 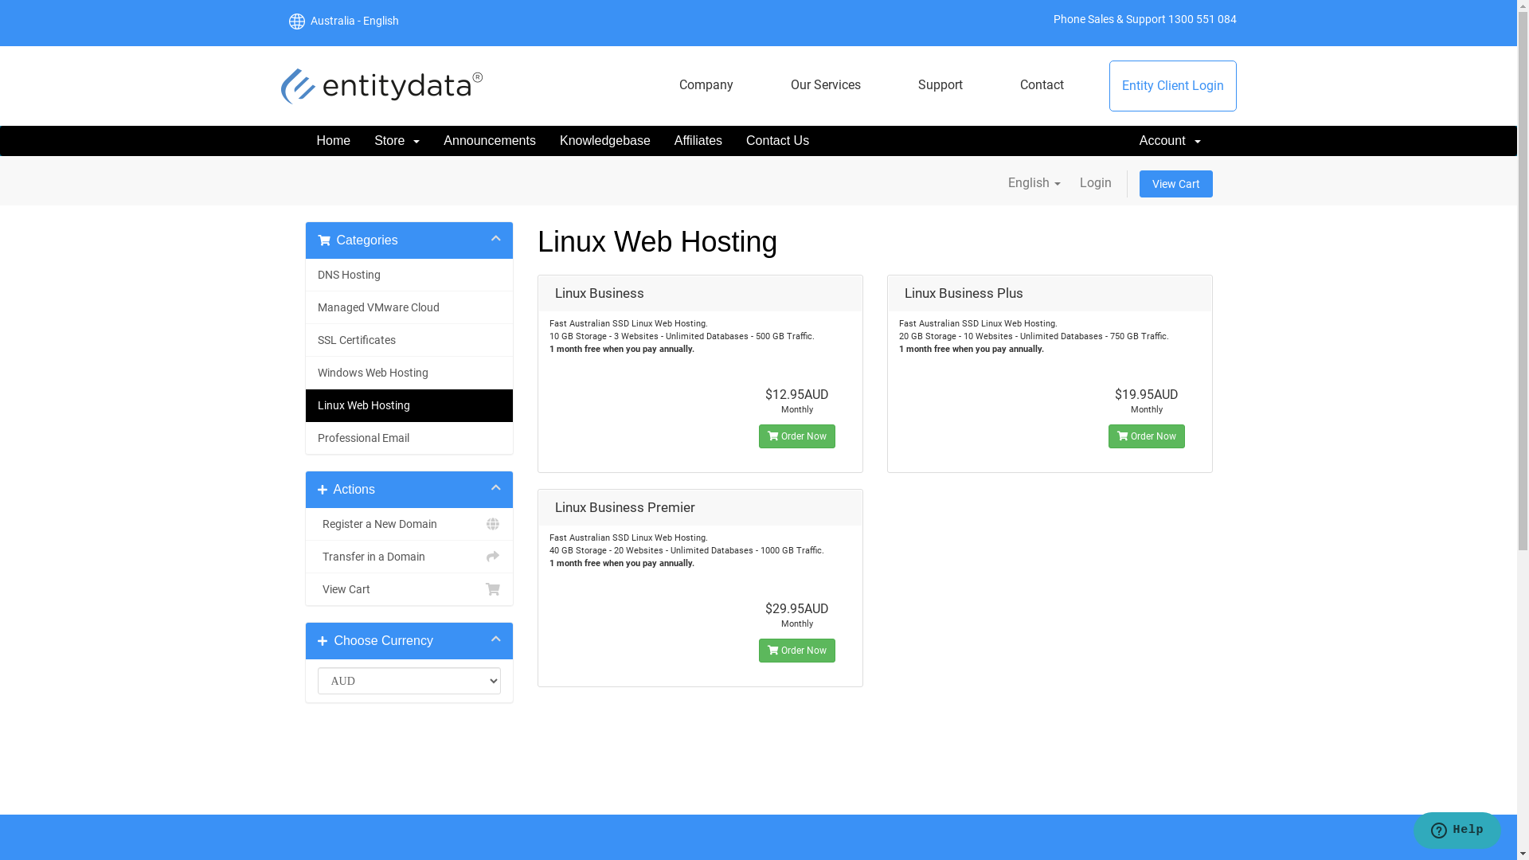 I want to click on '1300 551 084', so click(x=1201, y=18).